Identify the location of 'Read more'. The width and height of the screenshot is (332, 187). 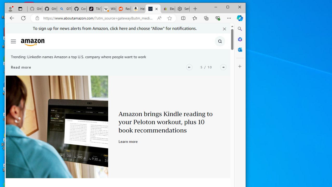
(21, 67).